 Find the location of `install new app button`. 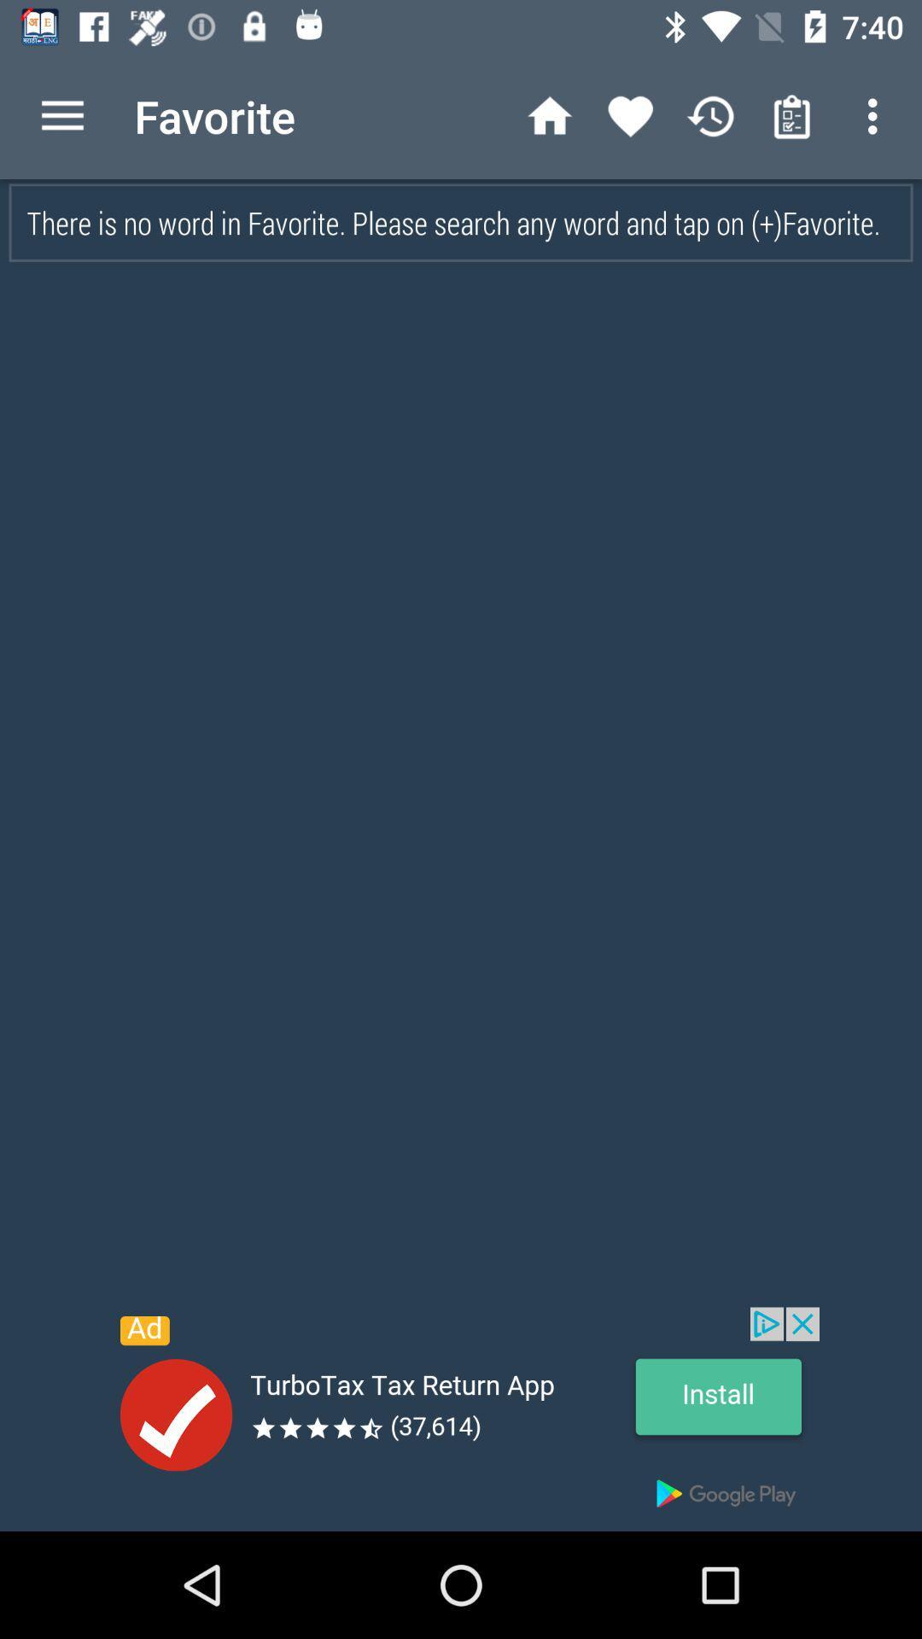

install new app button is located at coordinates (461, 1419).